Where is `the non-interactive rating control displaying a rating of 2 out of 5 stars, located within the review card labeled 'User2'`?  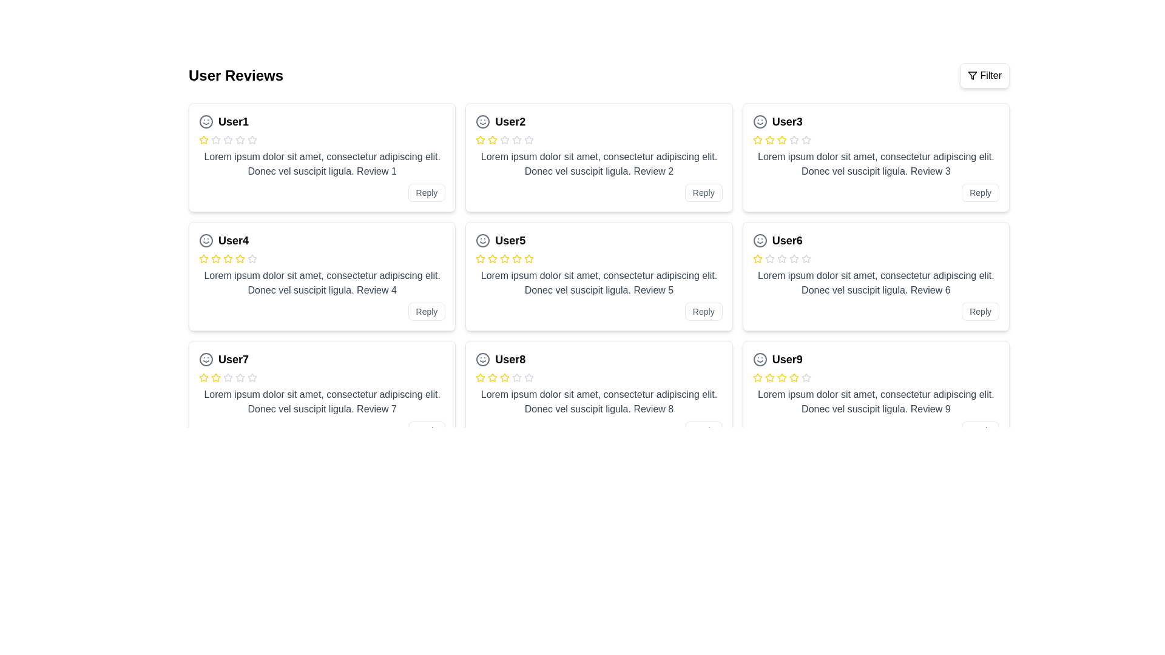
the non-interactive rating control displaying a rating of 2 out of 5 stars, located within the review card labeled 'User2' is located at coordinates (599, 139).